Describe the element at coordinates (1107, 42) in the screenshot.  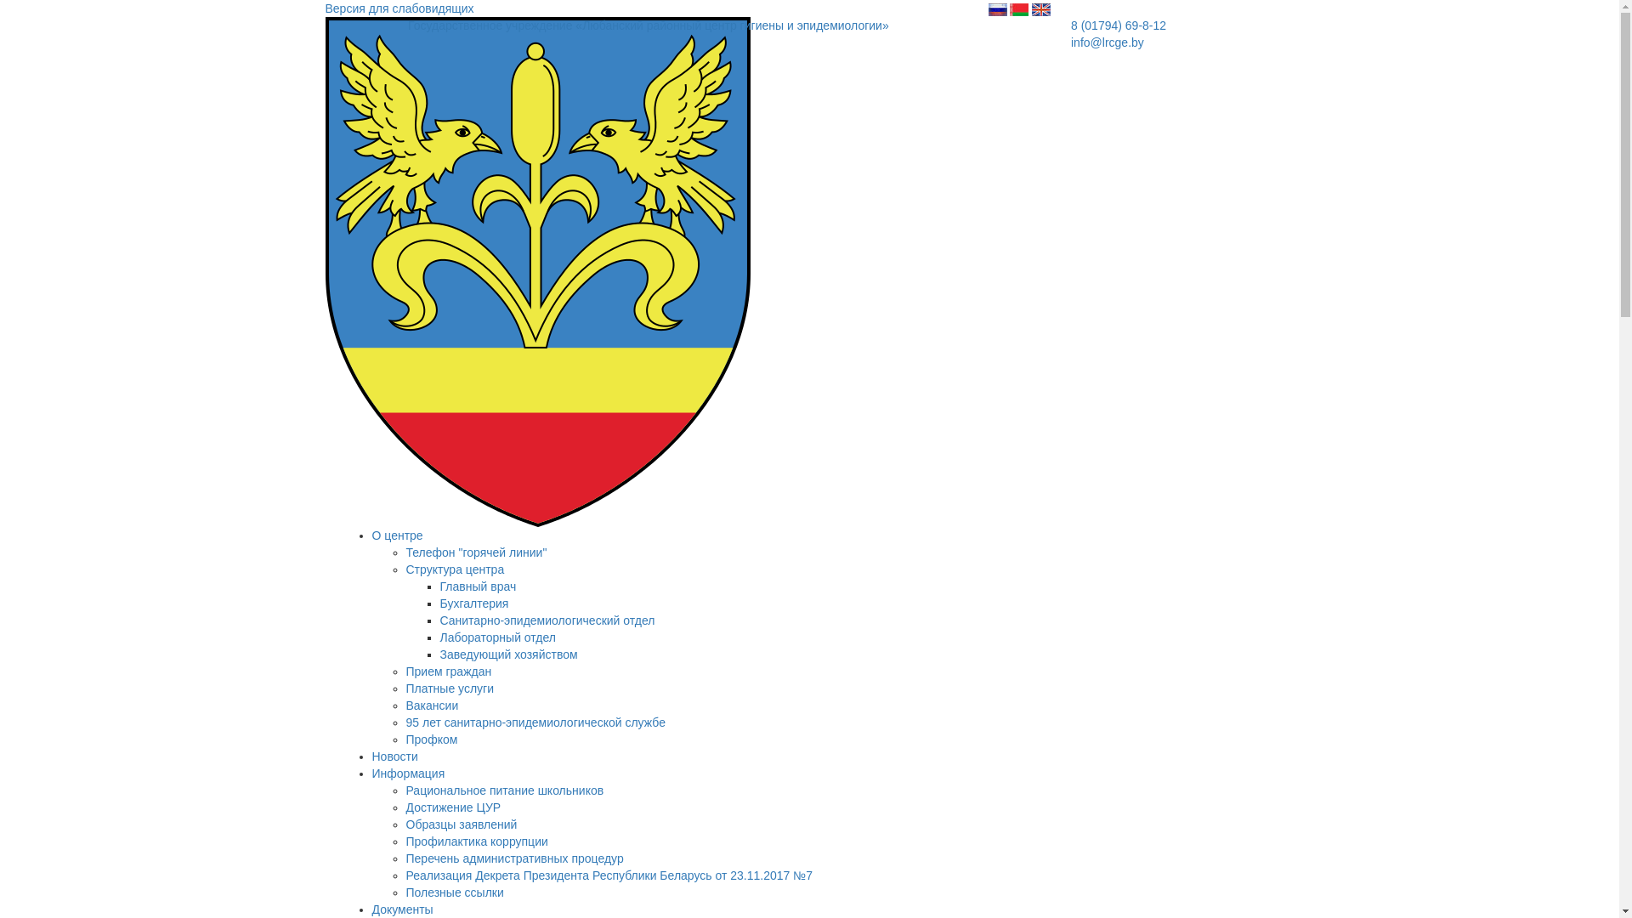
I see `'info@lrcge.by'` at that location.